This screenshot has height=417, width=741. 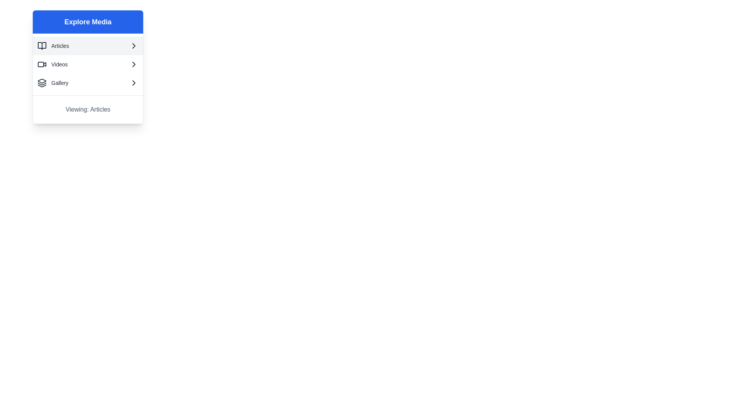 I want to click on the rightward-pointing chevron icon located to the right of the 'Videos' text, so click(x=134, y=64).